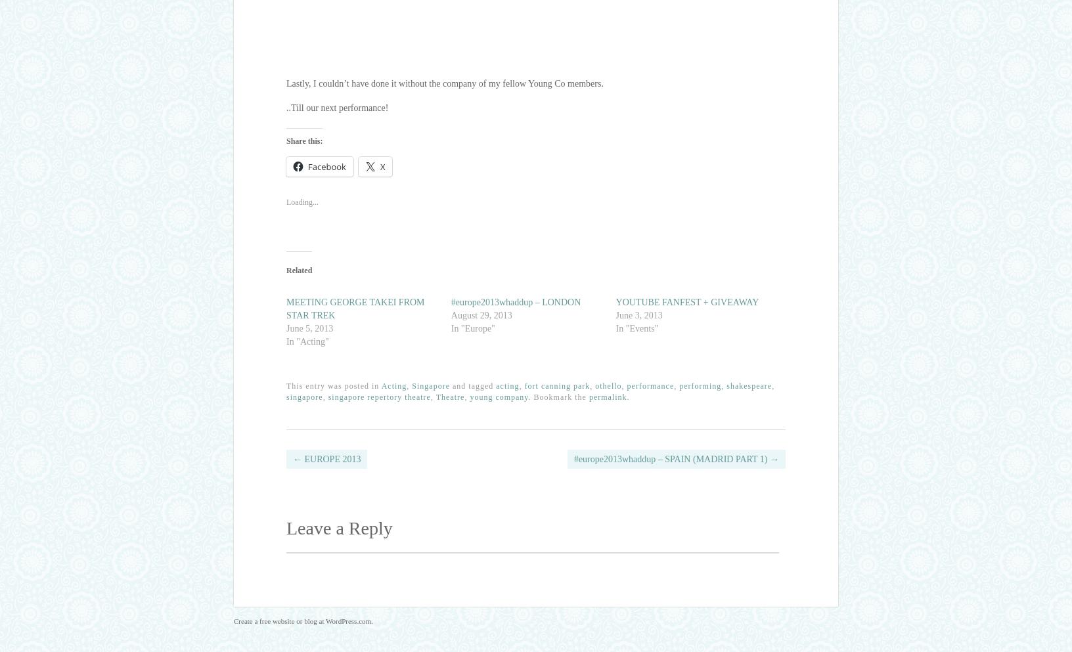 This screenshot has width=1072, height=652. What do you see at coordinates (359, 467) in the screenshot?
I see `'Post navigation'` at bounding box center [359, 467].